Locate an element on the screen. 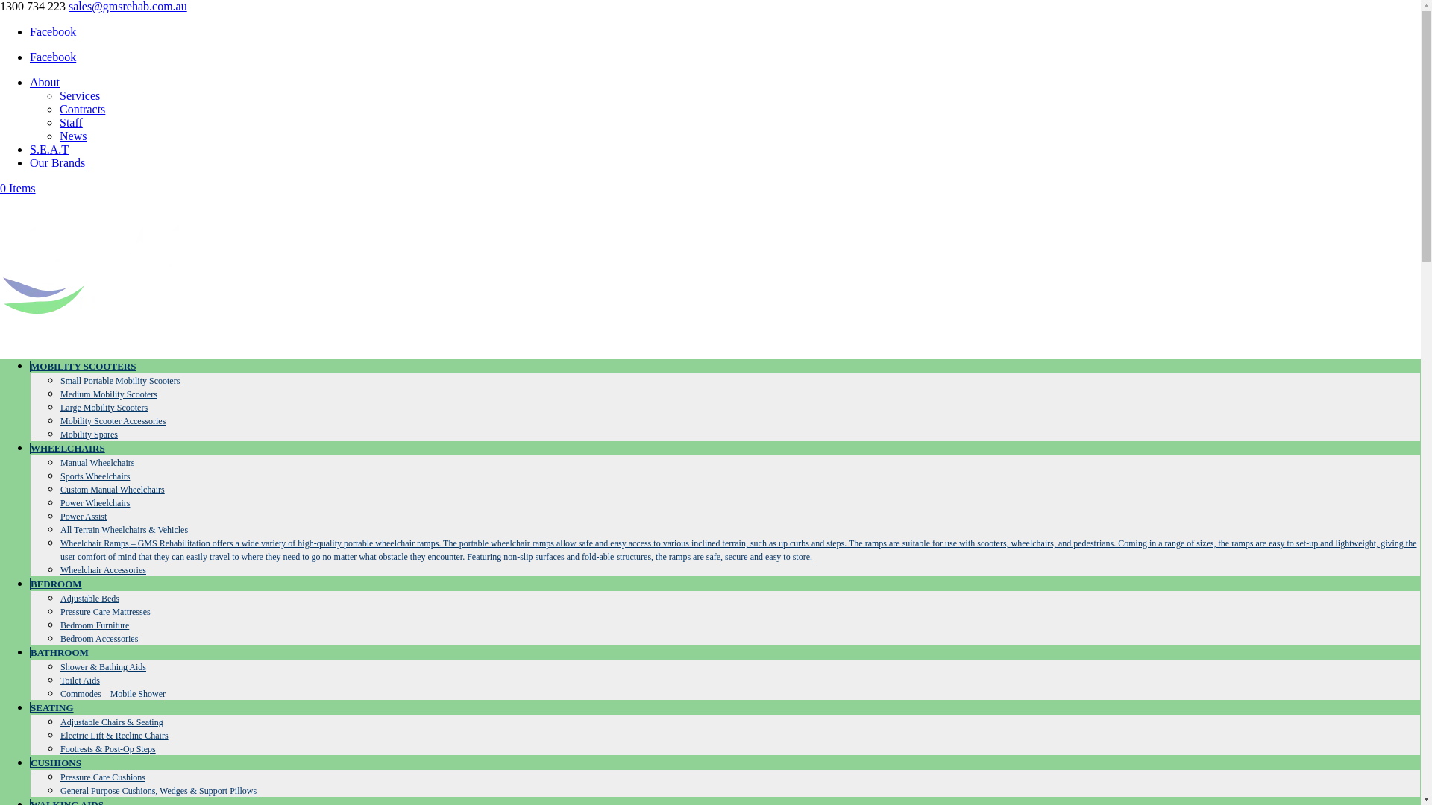 The width and height of the screenshot is (1432, 805). 'Facebook' is located at coordinates (53, 31).